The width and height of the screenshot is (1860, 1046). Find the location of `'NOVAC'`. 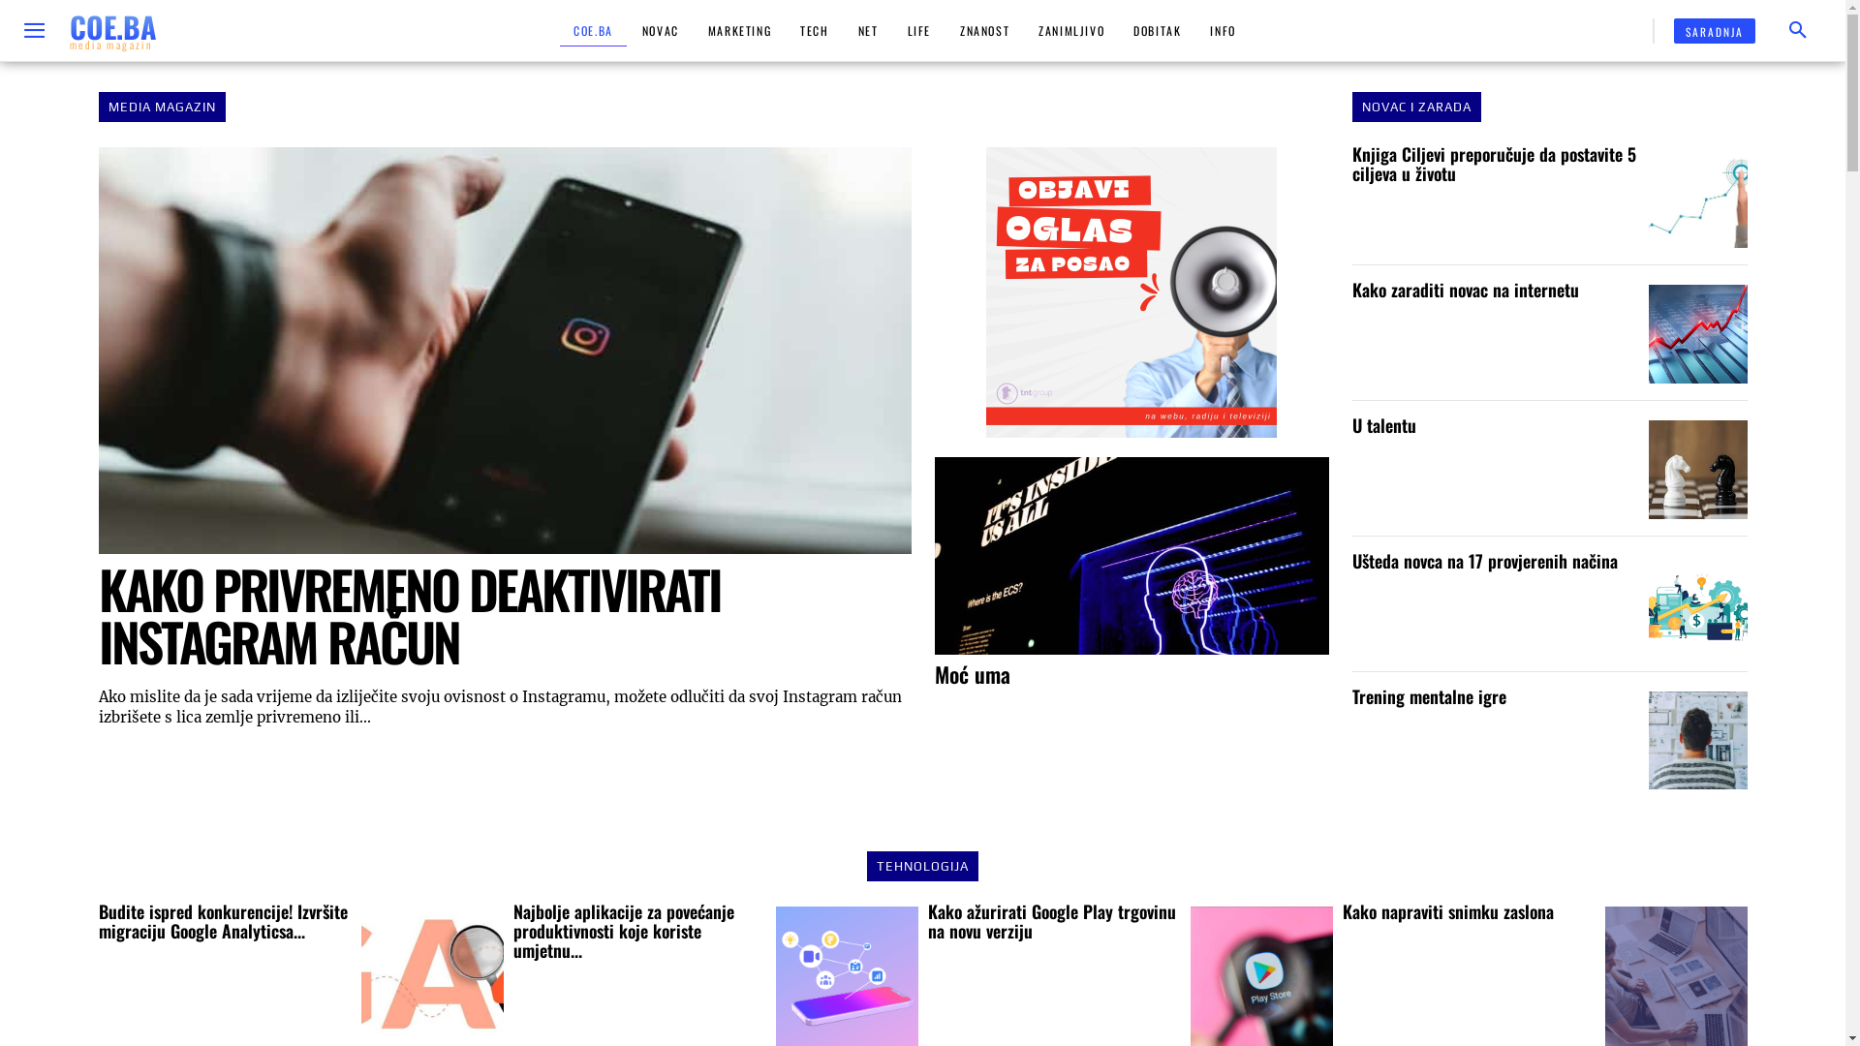

'NOVAC' is located at coordinates (660, 30).